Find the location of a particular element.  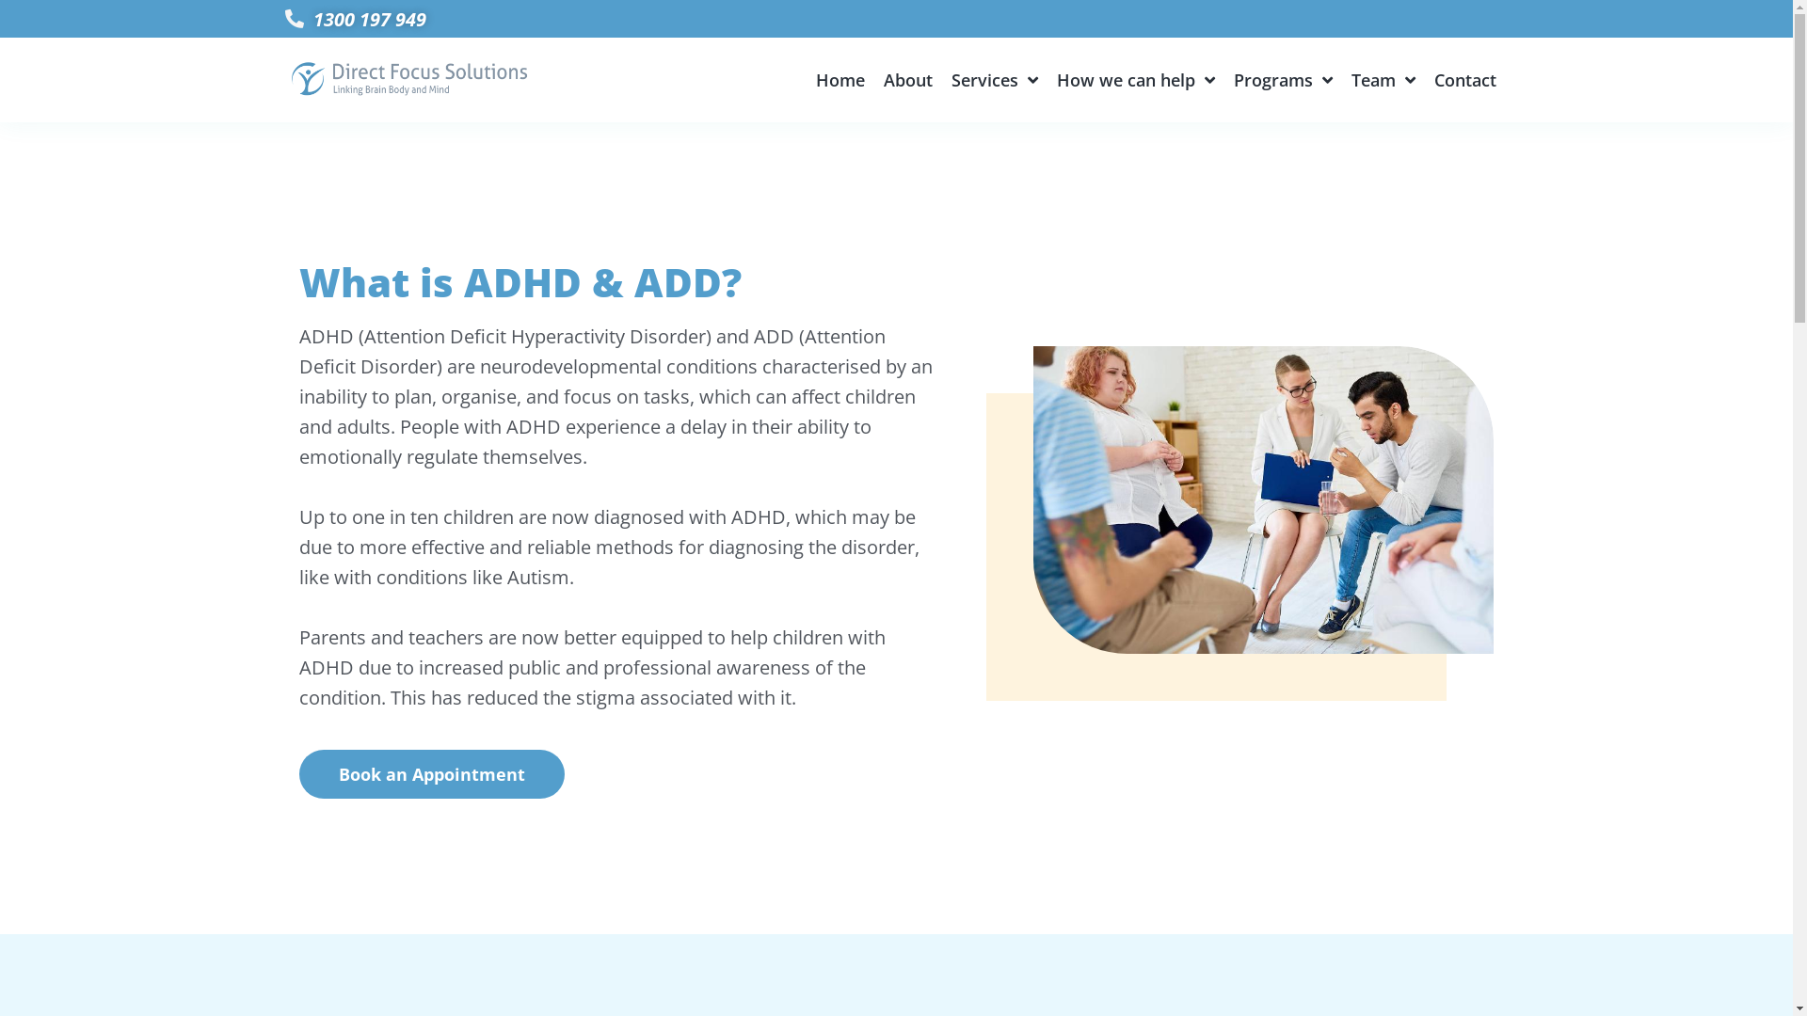

'Team' is located at coordinates (1383, 78).